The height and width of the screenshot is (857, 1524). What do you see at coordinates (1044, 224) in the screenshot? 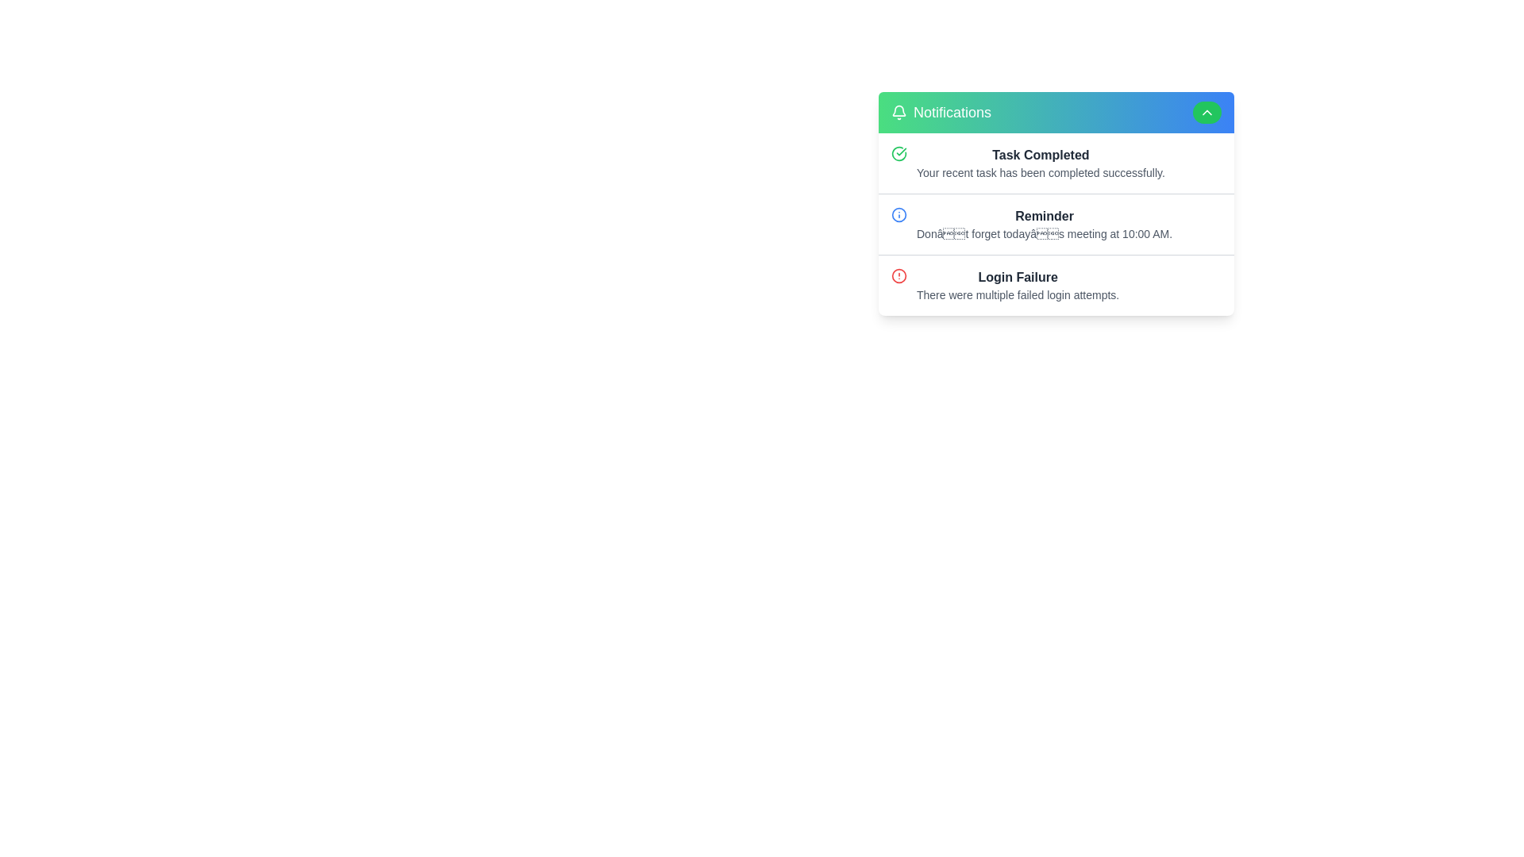
I see `the 'Reminder' notification text element that features a bold title and additional descriptive text, located between 'Task Completed' and 'Login Failure' notifications` at bounding box center [1044, 224].